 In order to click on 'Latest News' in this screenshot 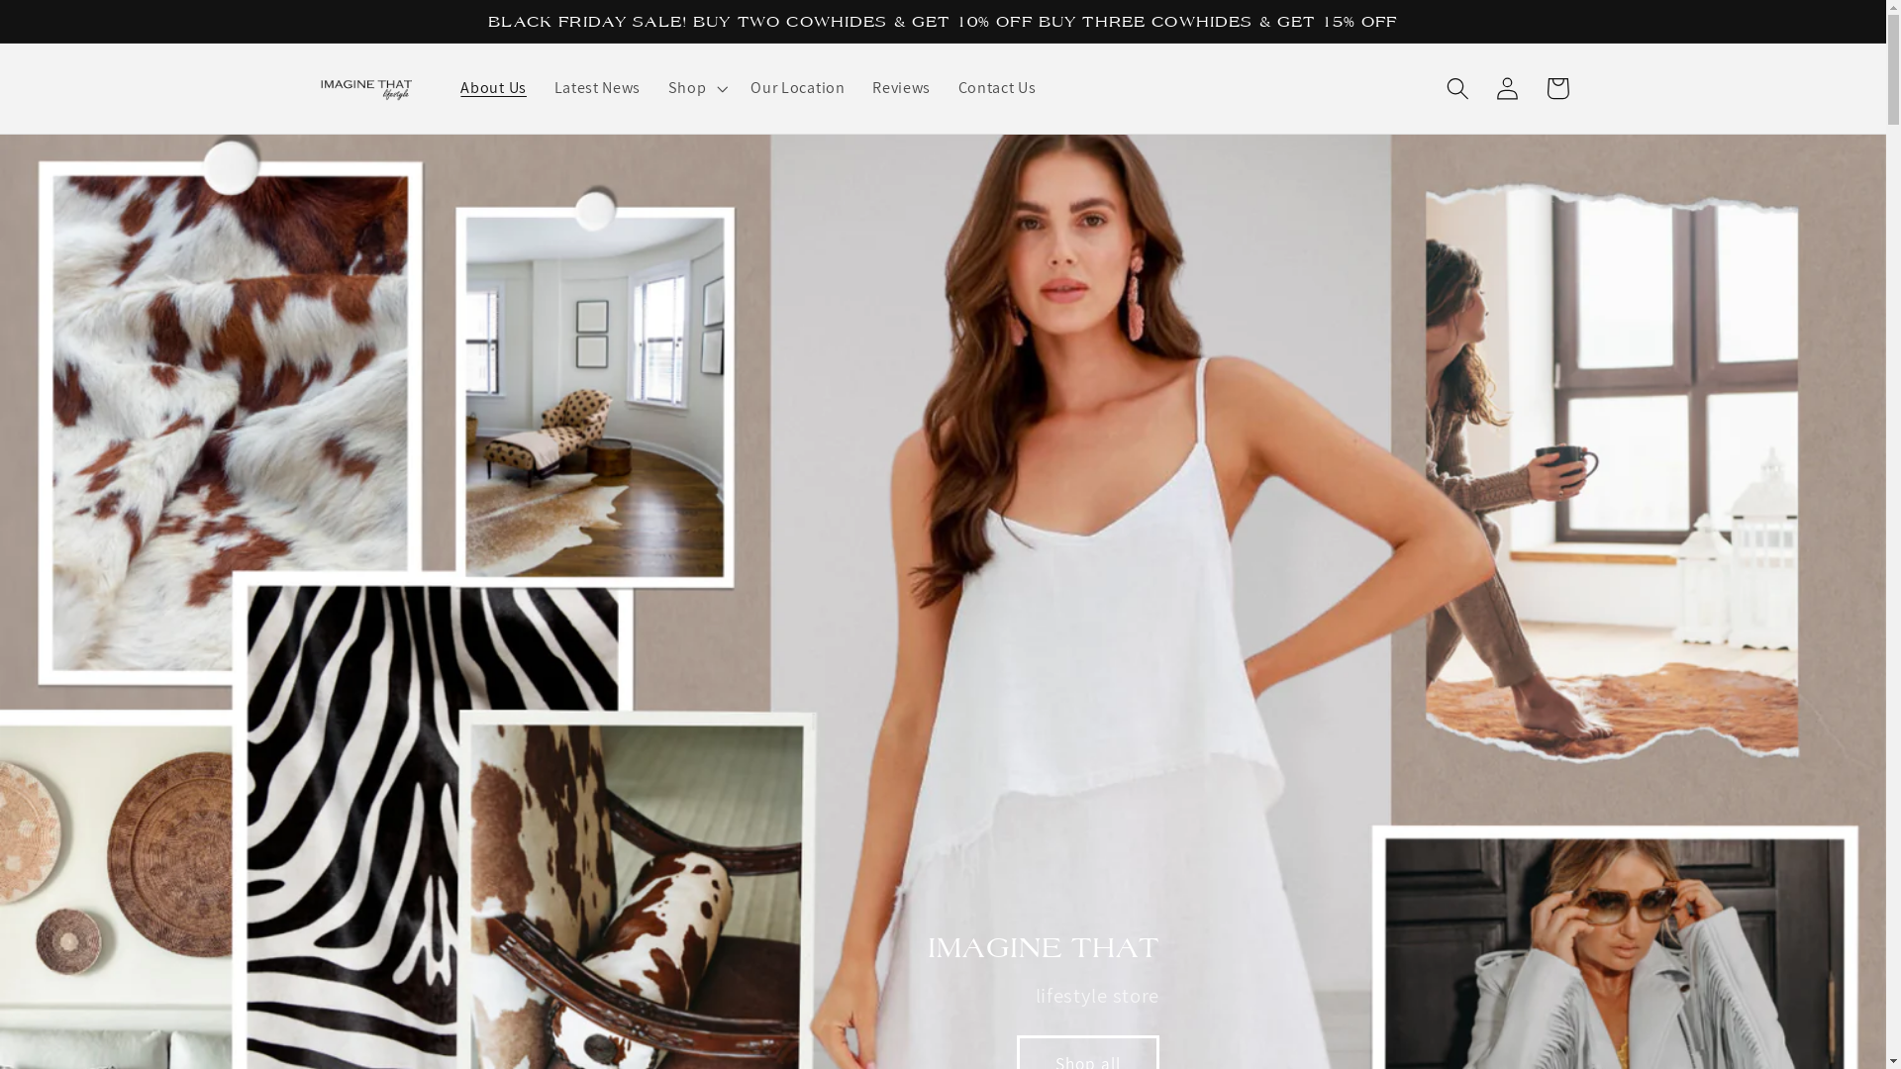, I will do `click(596, 86)`.